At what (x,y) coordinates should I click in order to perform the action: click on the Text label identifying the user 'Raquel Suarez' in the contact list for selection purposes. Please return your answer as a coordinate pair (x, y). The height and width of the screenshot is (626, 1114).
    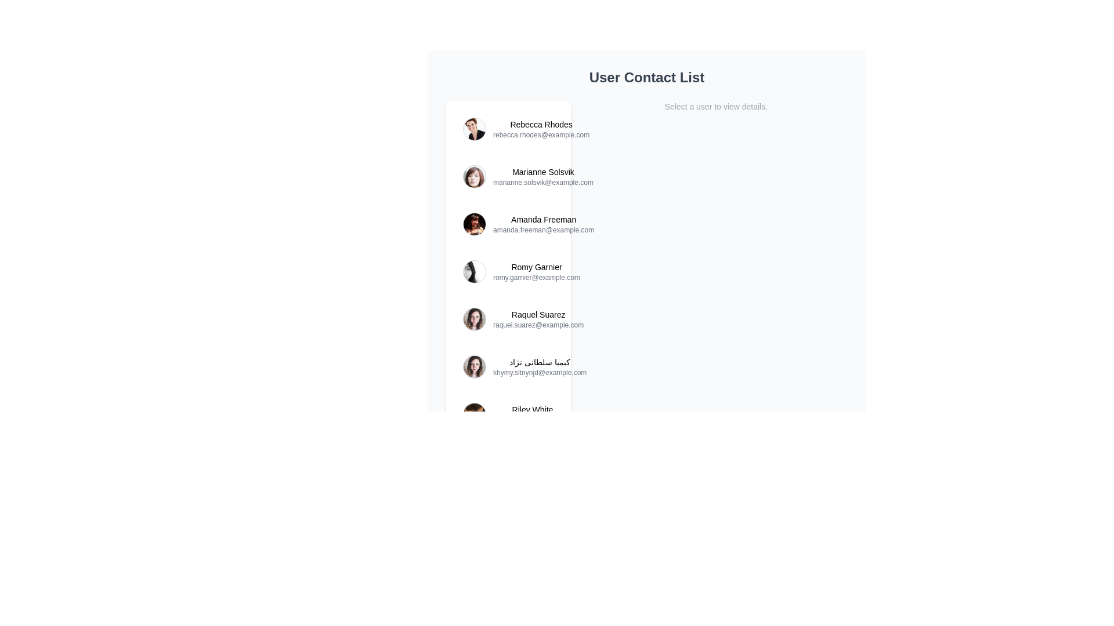
    Looking at the image, I should click on (537, 315).